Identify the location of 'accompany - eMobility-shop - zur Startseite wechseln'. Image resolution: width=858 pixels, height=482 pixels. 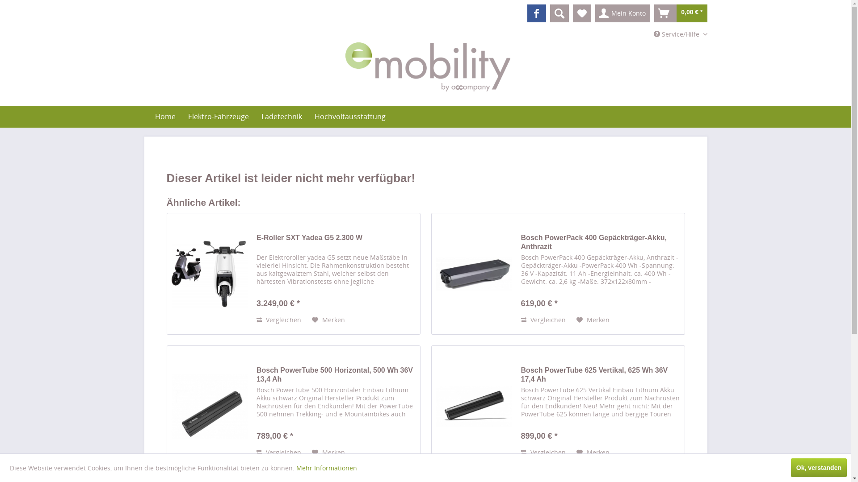
(427, 66).